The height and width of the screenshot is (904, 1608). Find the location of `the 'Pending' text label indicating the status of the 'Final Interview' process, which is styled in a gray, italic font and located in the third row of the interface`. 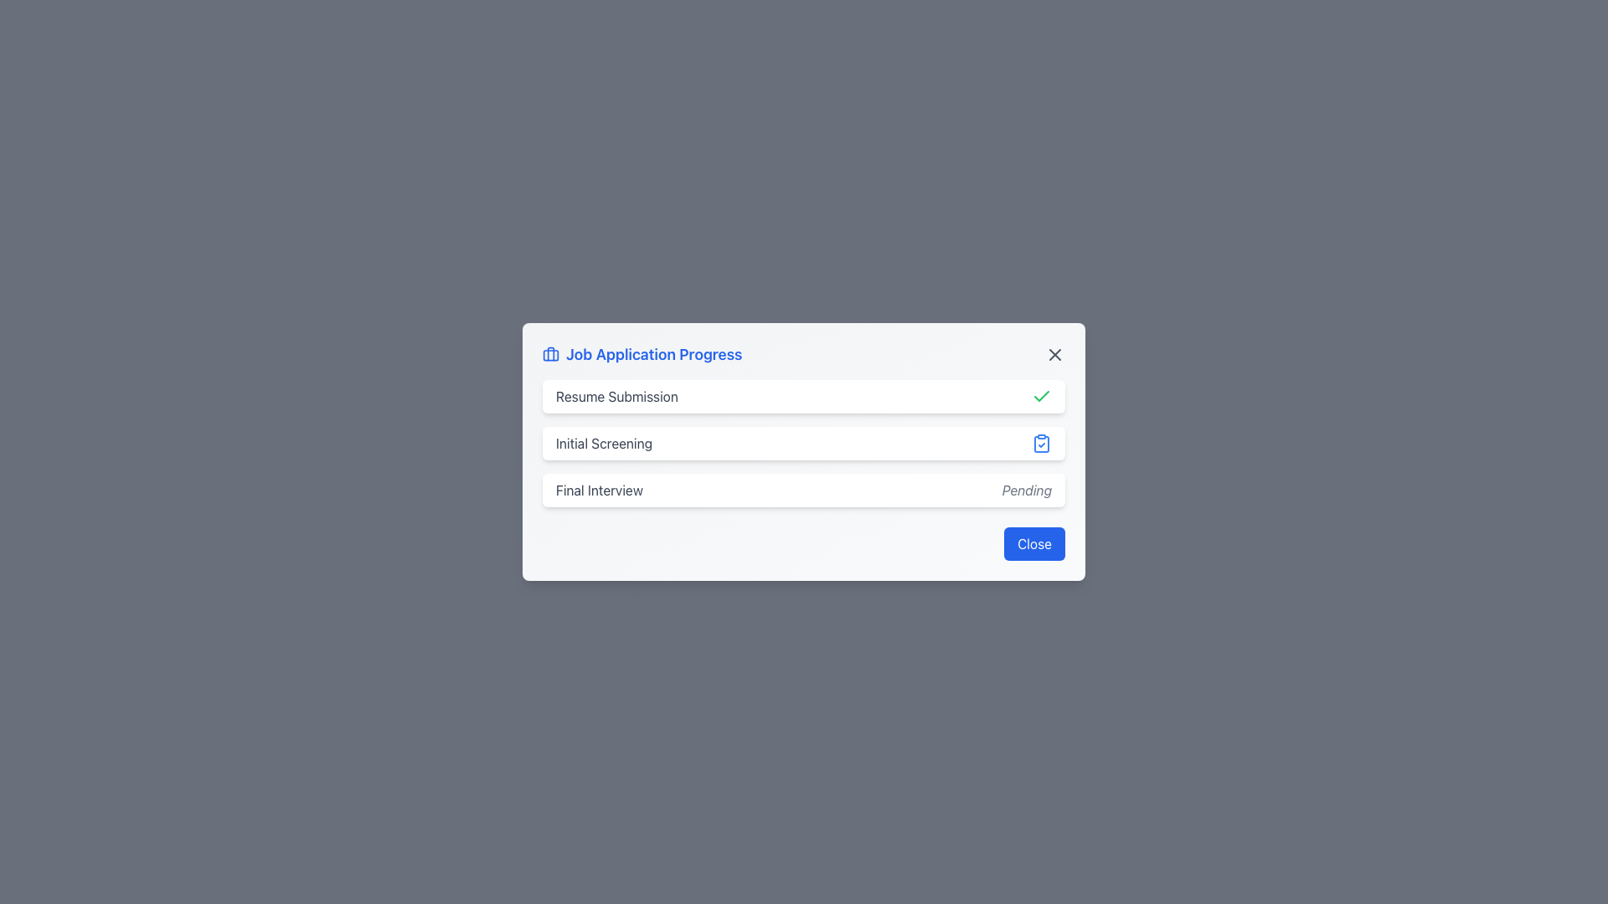

the 'Pending' text label indicating the status of the 'Final Interview' process, which is styled in a gray, italic font and located in the third row of the interface is located at coordinates (1026, 490).